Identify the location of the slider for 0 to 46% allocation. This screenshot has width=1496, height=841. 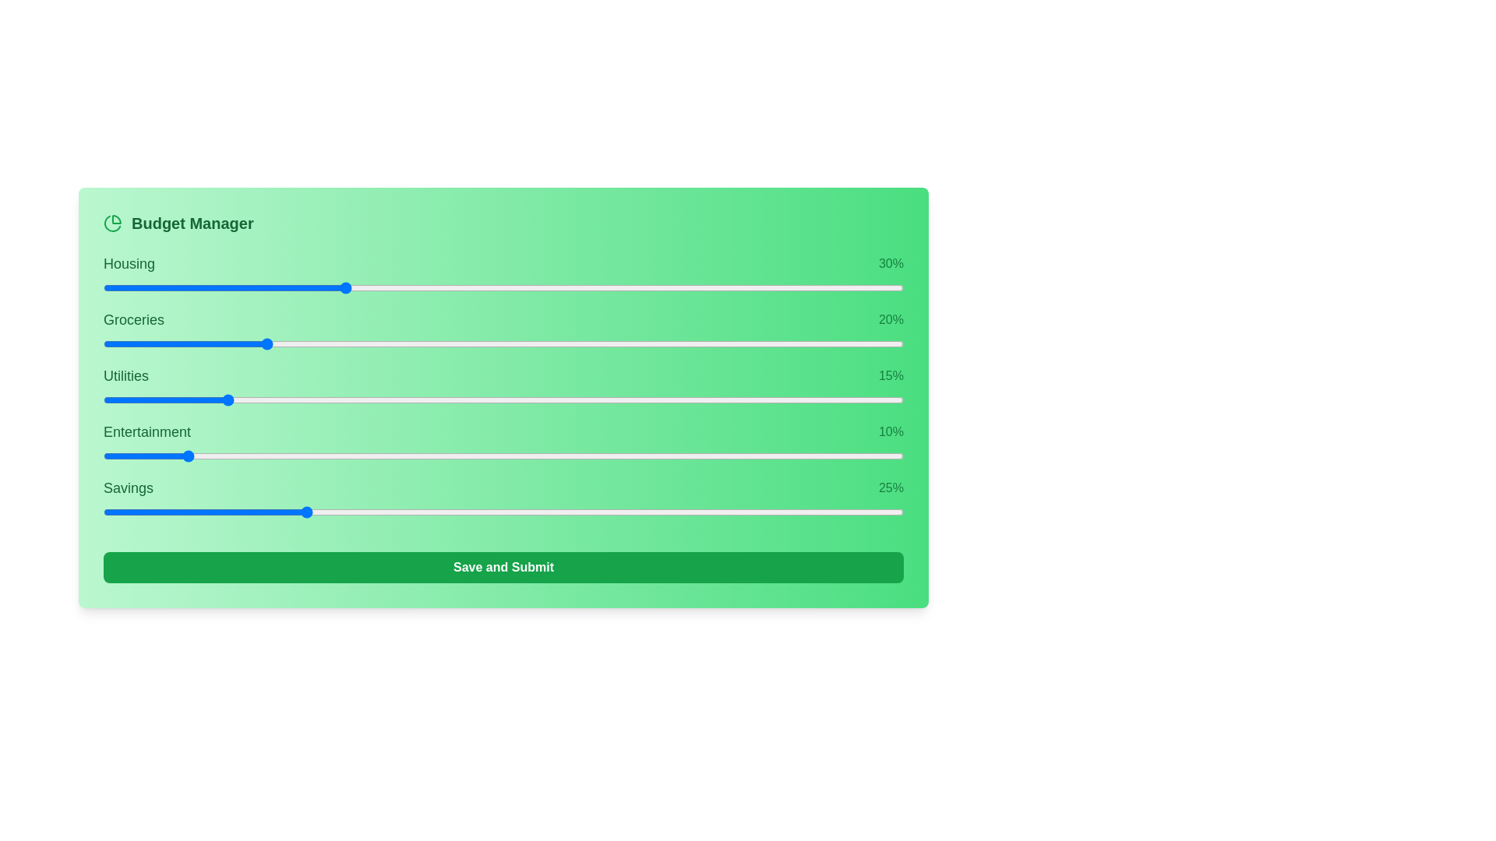
(686, 288).